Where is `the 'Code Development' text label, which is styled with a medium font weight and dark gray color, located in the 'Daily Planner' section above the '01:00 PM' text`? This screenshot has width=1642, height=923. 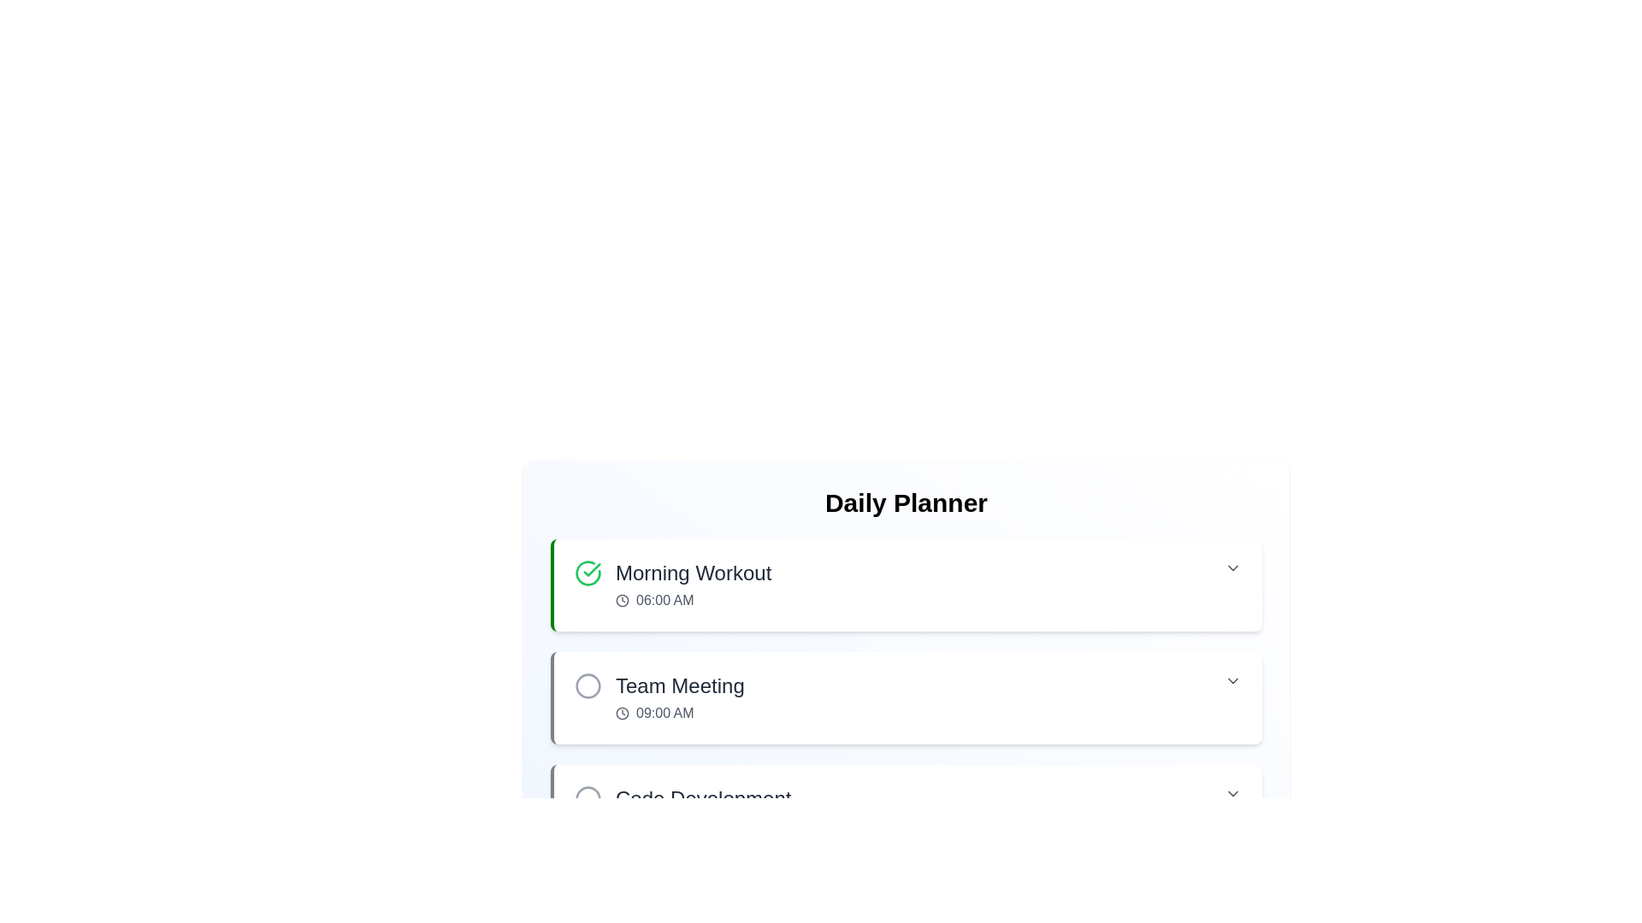
the 'Code Development' text label, which is styled with a medium font weight and dark gray color, located in the 'Daily Planner' section above the '01:00 PM' text is located at coordinates (703, 798).